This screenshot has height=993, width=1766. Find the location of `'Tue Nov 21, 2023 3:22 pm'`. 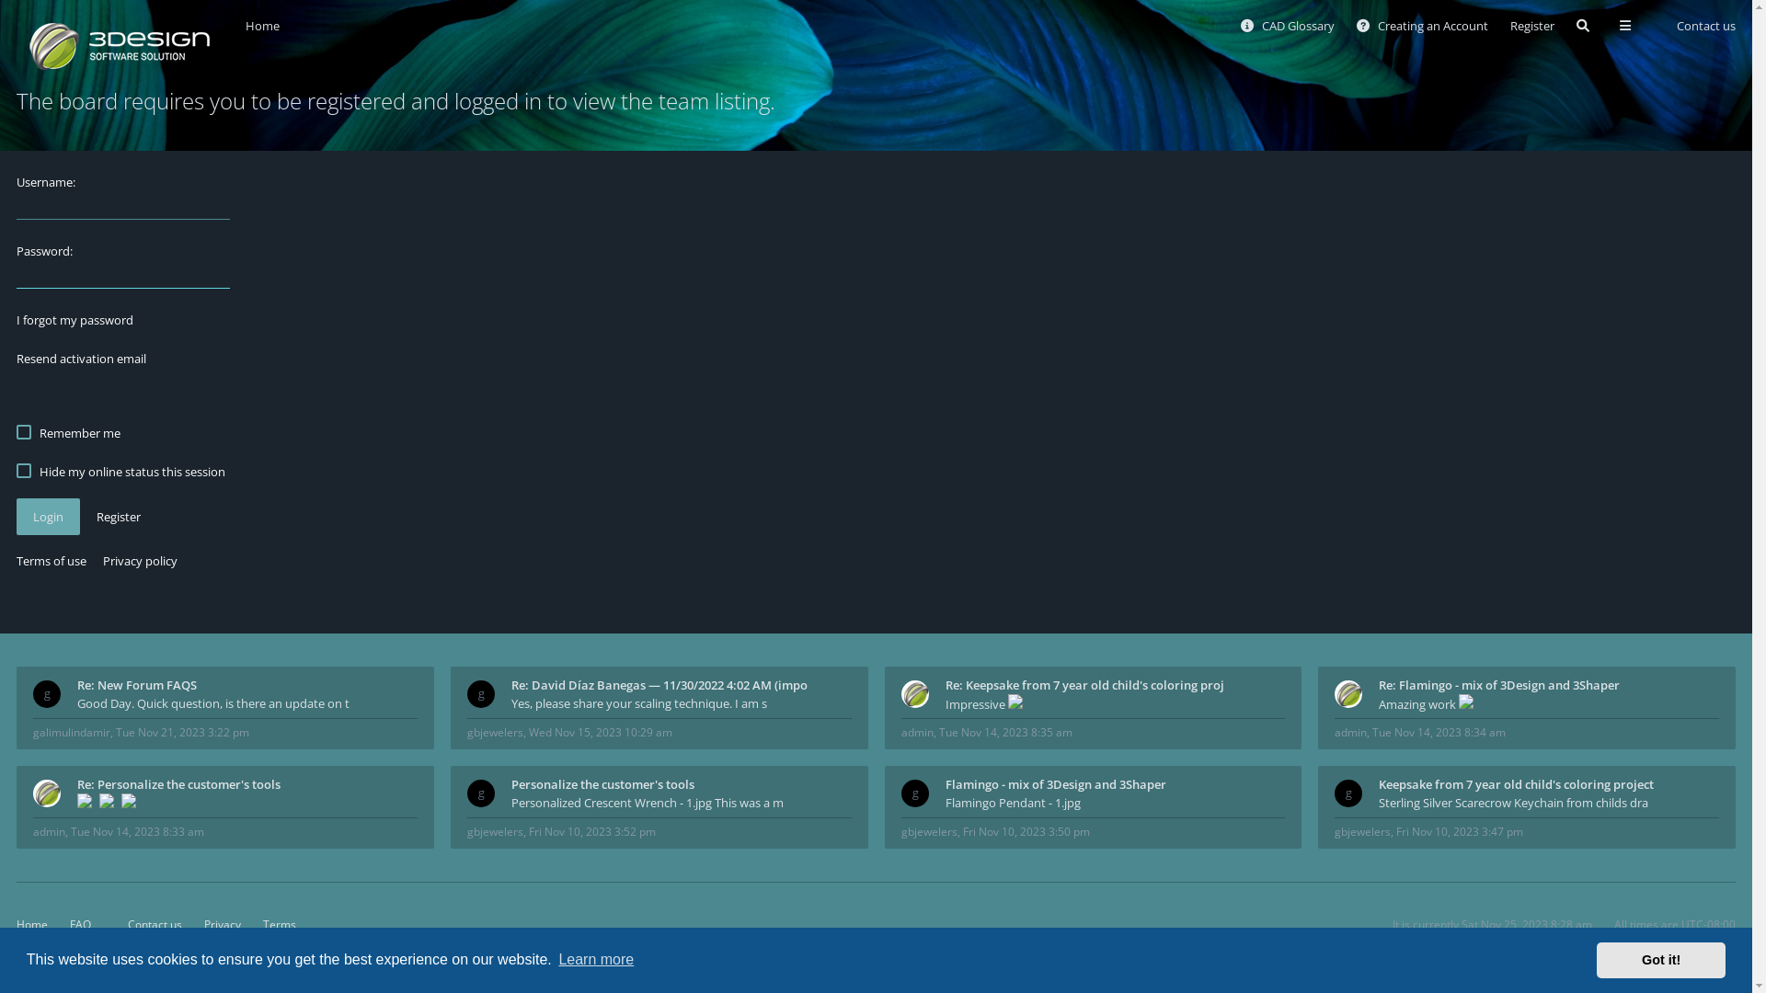

'Tue Nov 21, 2023 3:22 pm' is located at coordinates (182, 731).